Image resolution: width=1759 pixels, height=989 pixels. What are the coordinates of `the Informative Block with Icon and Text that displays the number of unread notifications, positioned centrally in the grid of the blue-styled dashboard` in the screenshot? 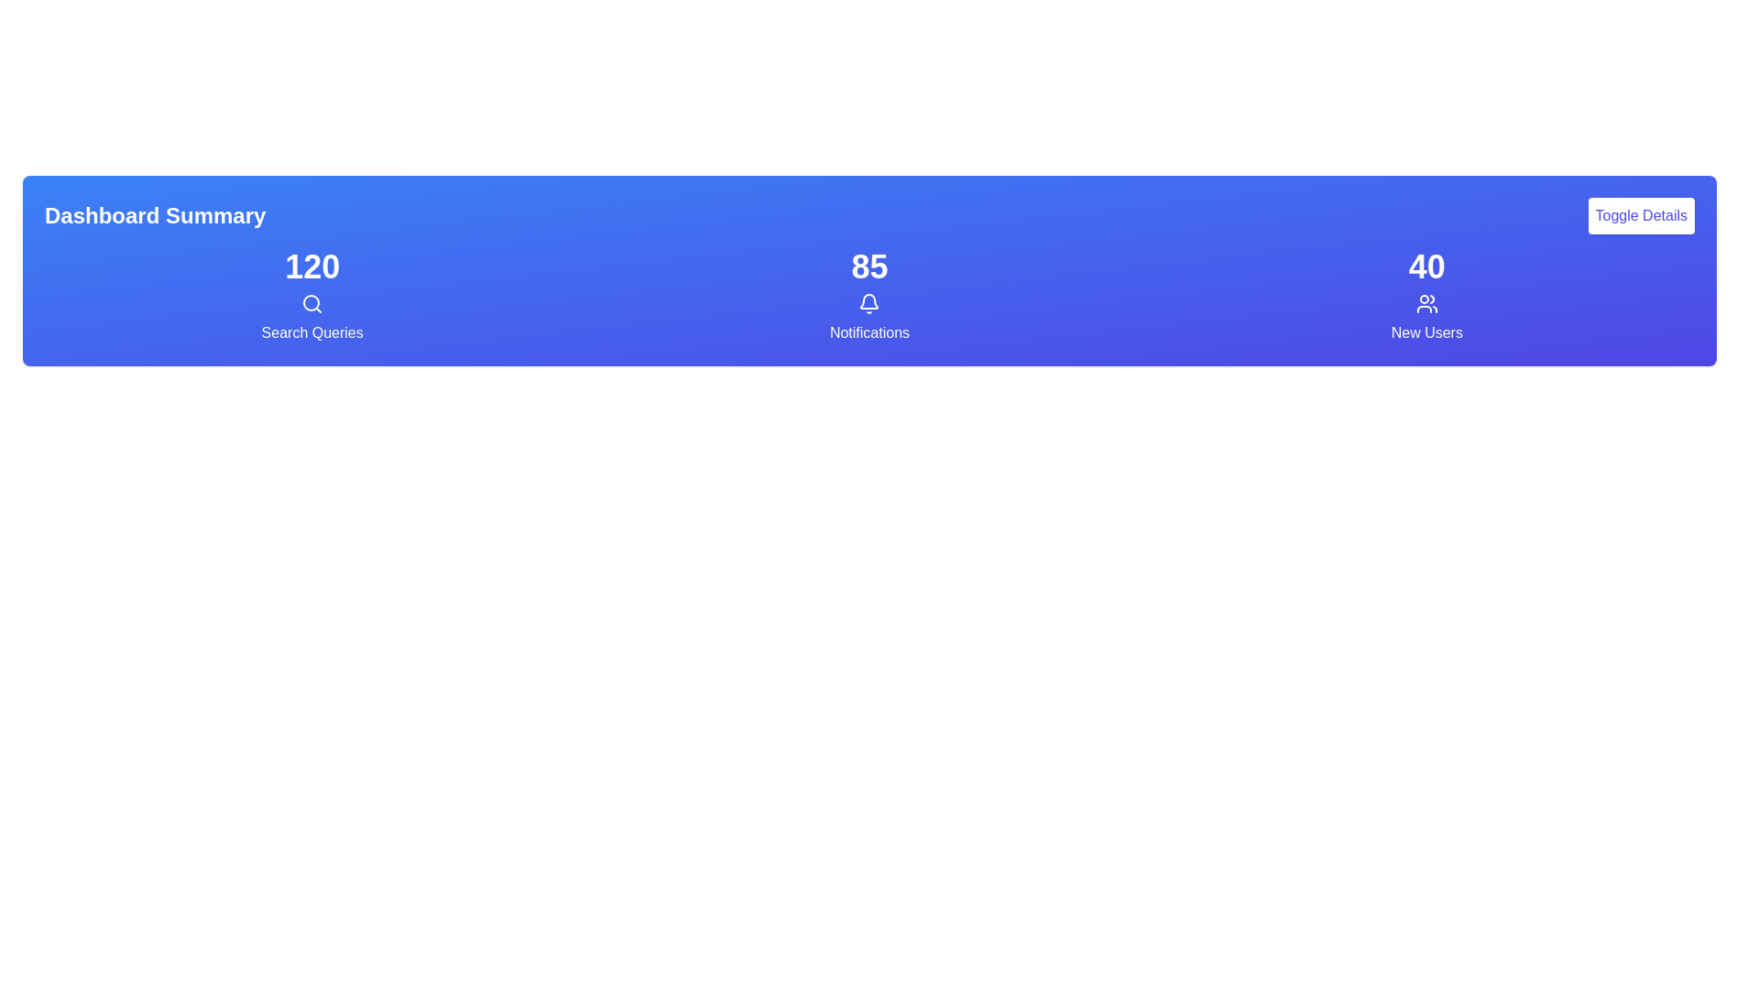 It's located at (869, 296).